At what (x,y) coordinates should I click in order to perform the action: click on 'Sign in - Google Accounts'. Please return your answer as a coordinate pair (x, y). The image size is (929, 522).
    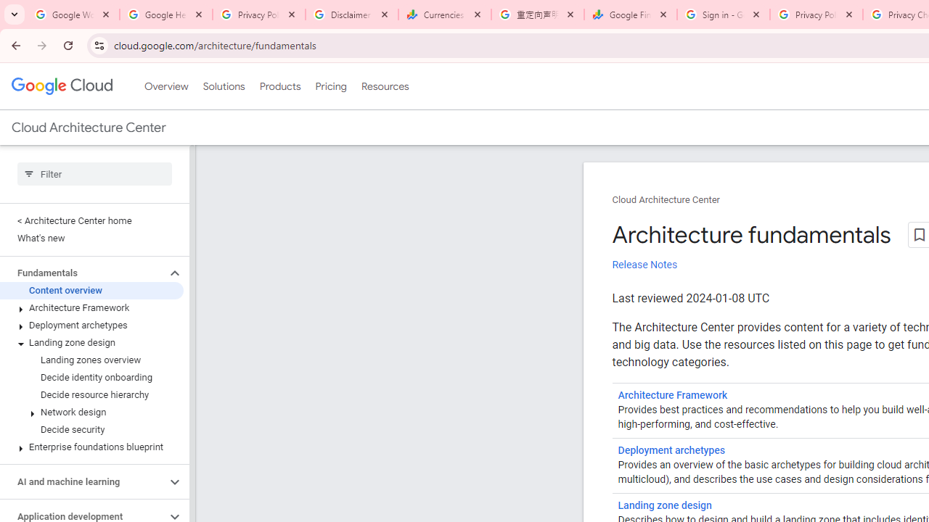
    Looking at the image, I should click on (724, 14).